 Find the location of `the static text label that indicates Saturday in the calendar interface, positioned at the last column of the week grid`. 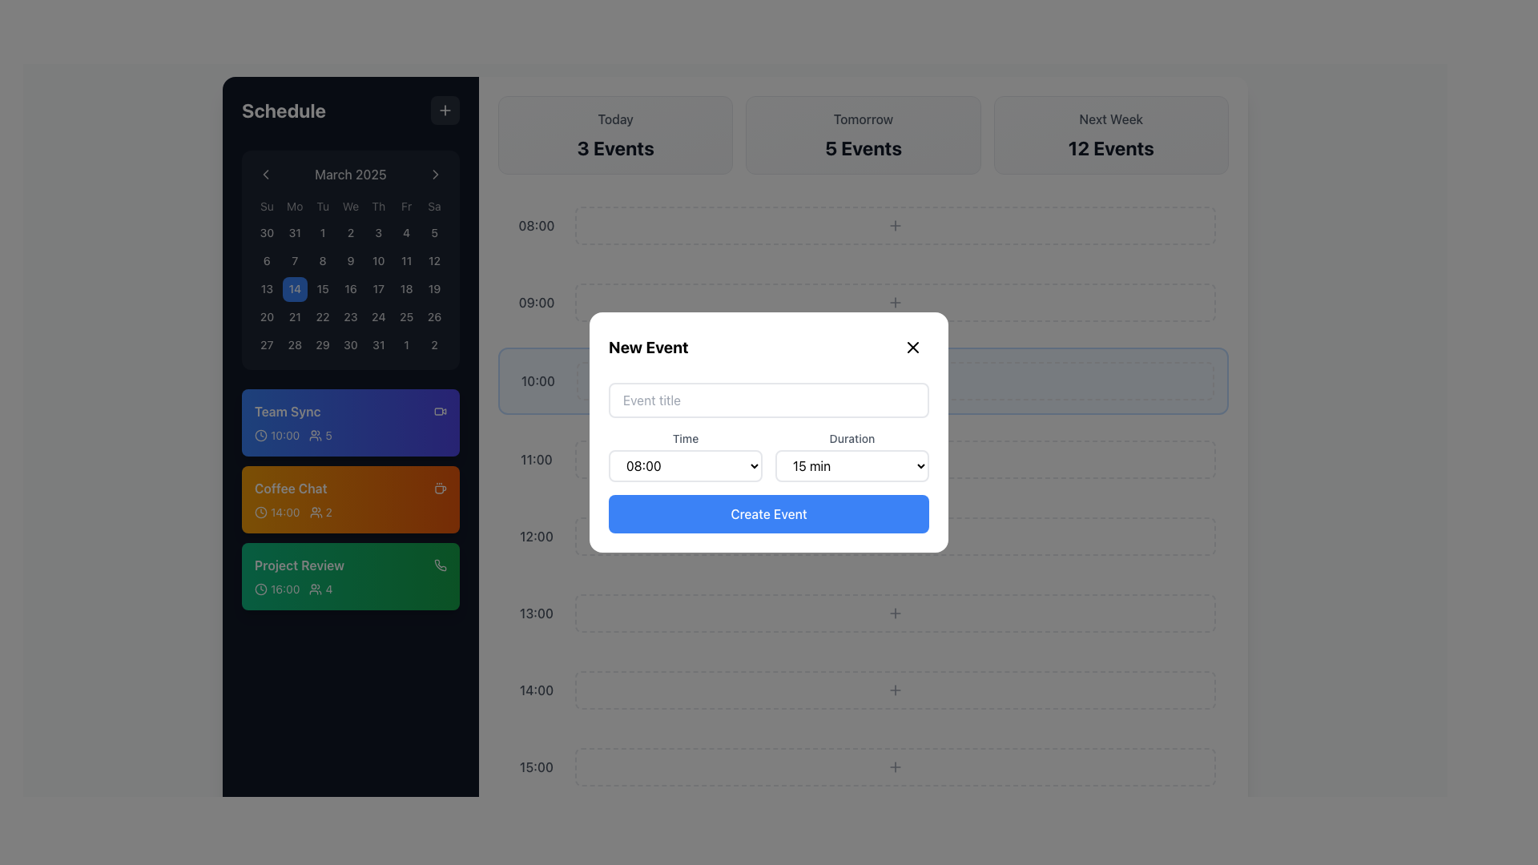

the static text label that indicates Saturday in the calendar interface, positioned at the last column of the week grid is located at coordinates (434, 206).